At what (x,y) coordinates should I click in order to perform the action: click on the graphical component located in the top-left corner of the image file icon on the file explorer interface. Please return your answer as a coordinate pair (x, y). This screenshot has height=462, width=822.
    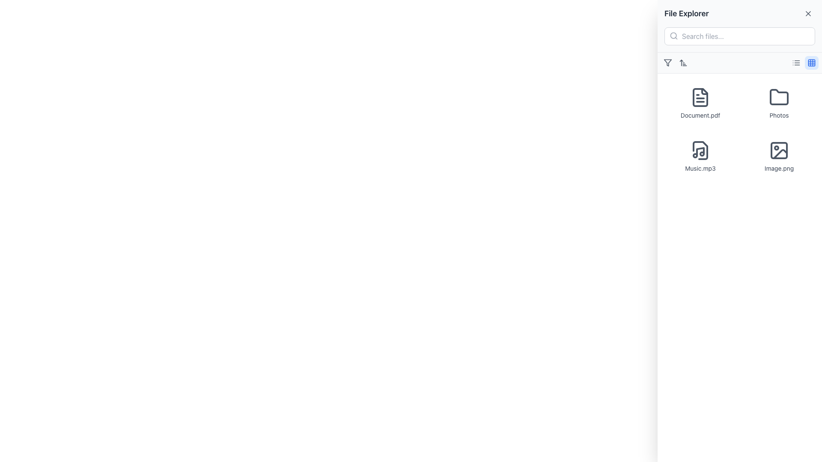
    Looking at the image, I should click on (779, 150).